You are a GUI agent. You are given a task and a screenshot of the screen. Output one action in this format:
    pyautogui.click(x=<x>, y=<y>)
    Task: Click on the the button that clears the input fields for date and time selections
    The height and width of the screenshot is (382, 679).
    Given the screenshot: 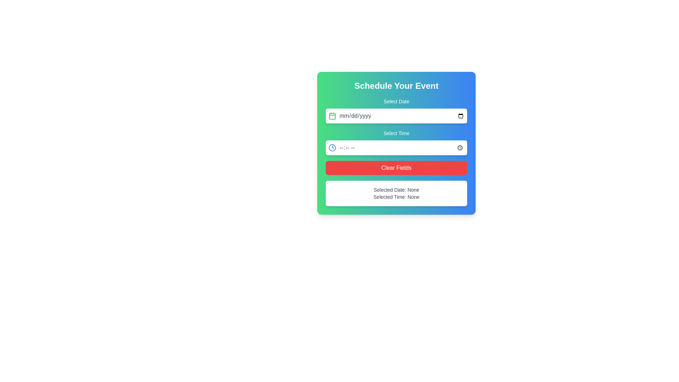 What is the action you would take?
    pyautogui.click(x=396, y=168)
    